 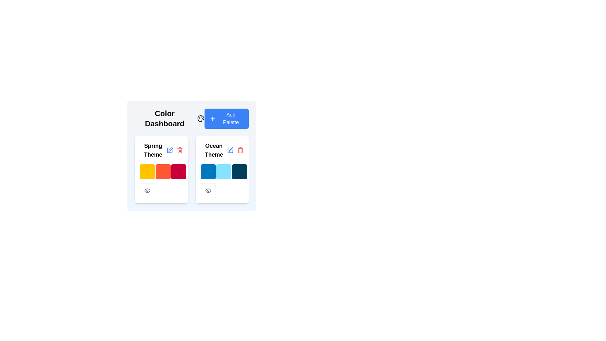 What do you see at coordinates (169, 150) in the screenshot?
I see `the blue pen icon edit button located near the 'Spring Theme' label` at bounding box center [169, 150].